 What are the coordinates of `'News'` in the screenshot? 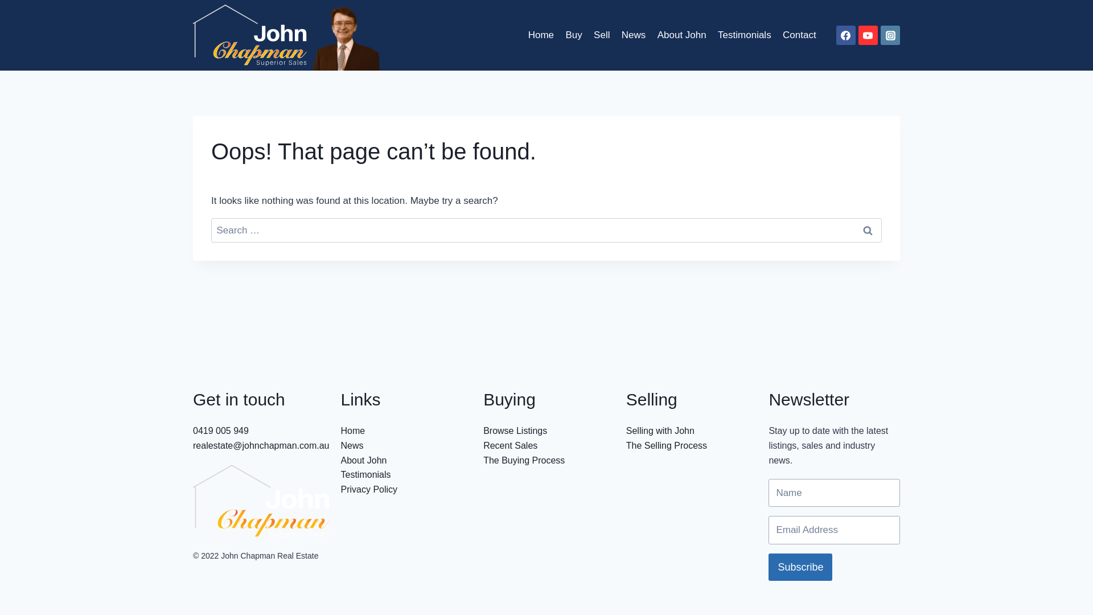 It's located at (351, 445).